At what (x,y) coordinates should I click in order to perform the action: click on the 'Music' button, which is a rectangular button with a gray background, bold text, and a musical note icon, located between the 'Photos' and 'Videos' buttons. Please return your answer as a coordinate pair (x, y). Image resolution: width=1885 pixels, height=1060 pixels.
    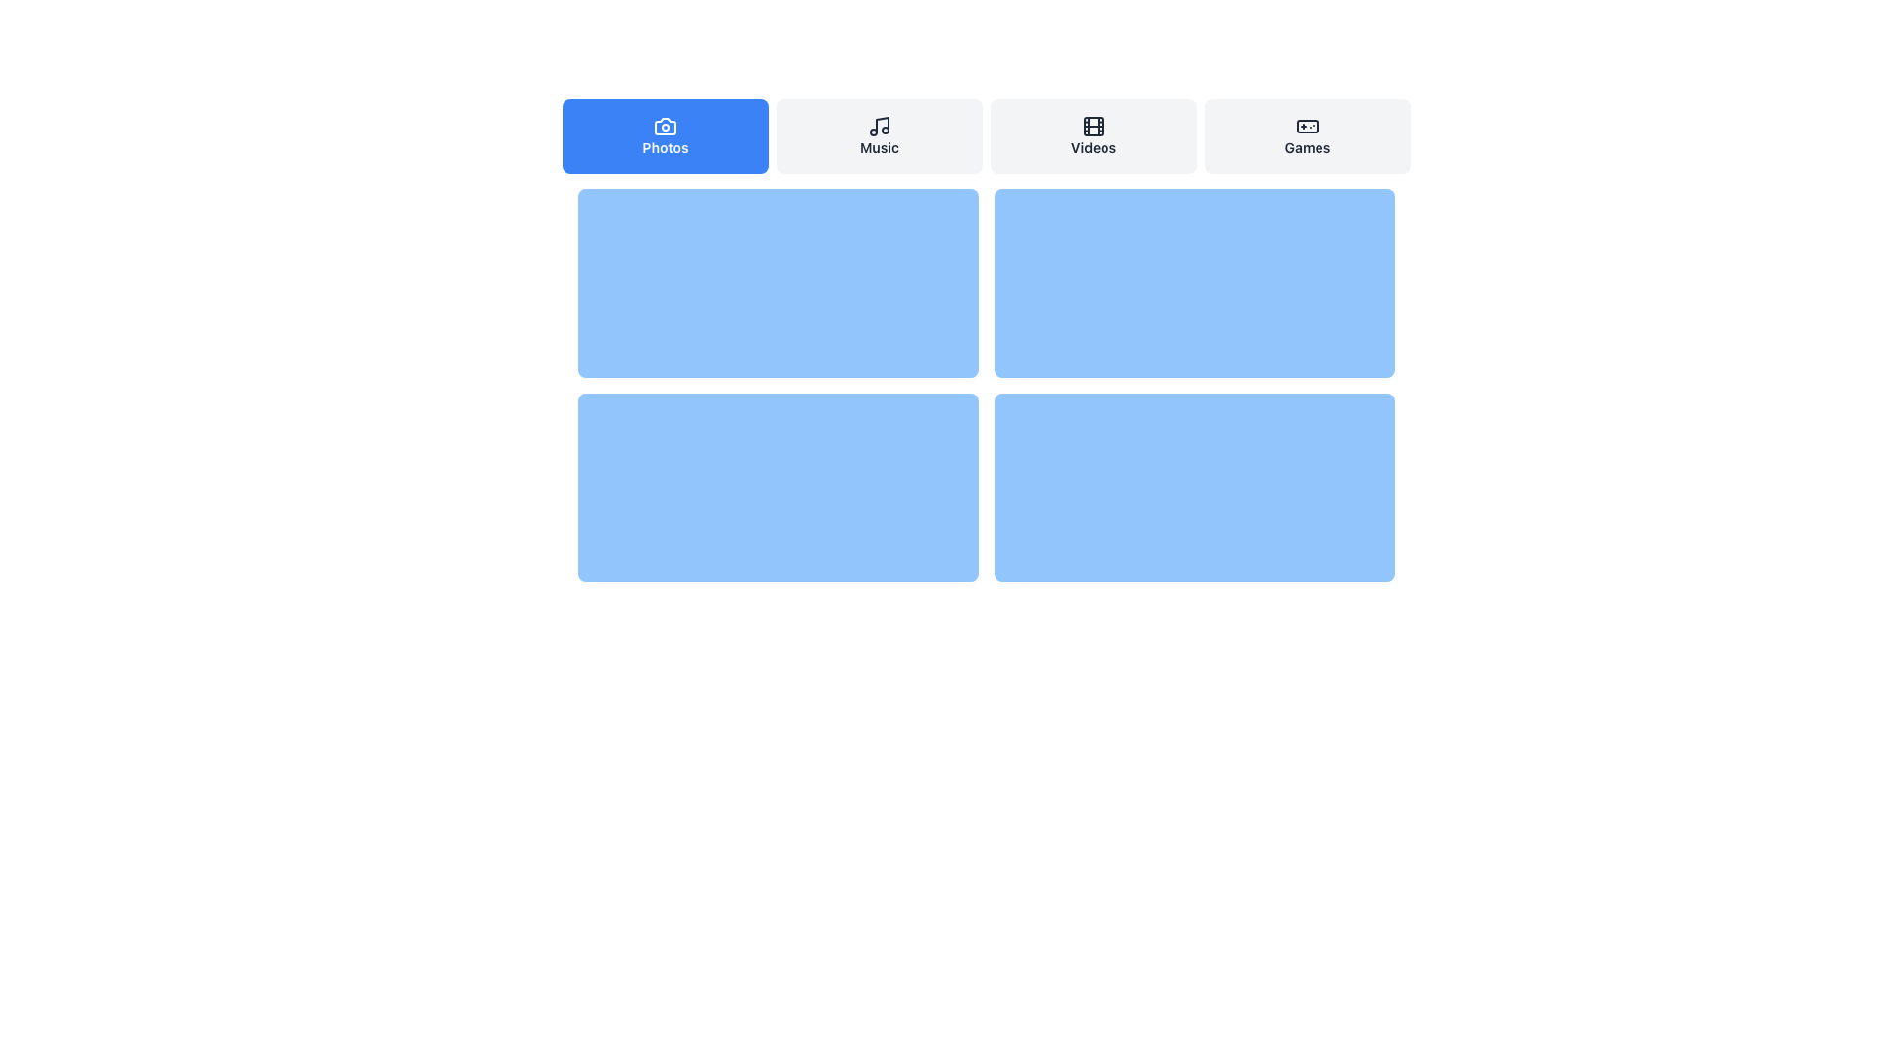
    Looking at the image, I should click on (879, 134).